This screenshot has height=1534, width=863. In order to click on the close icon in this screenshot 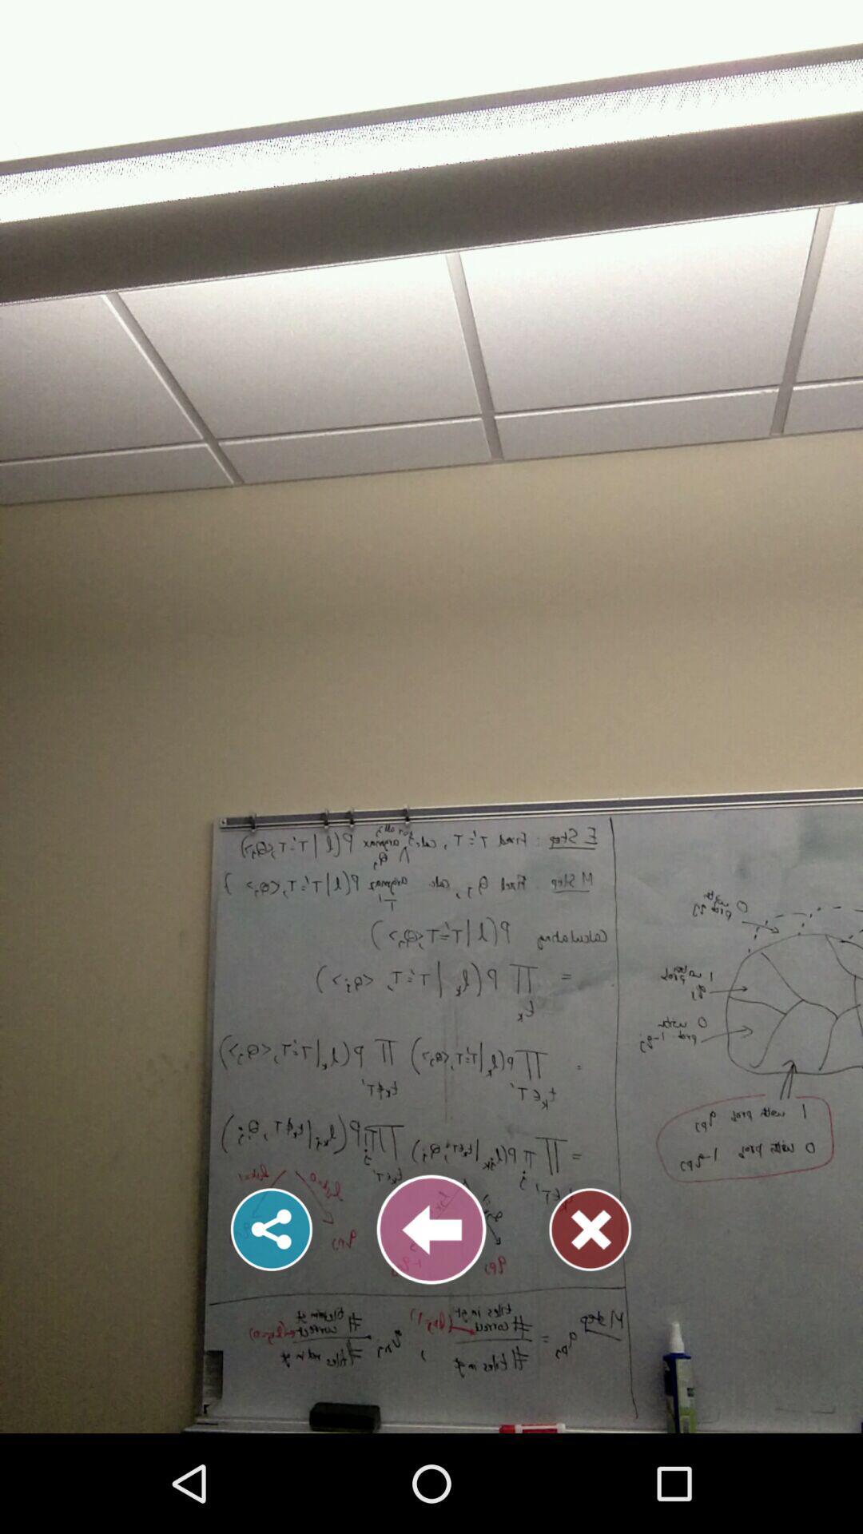, I will do `click(591, 1229)`.